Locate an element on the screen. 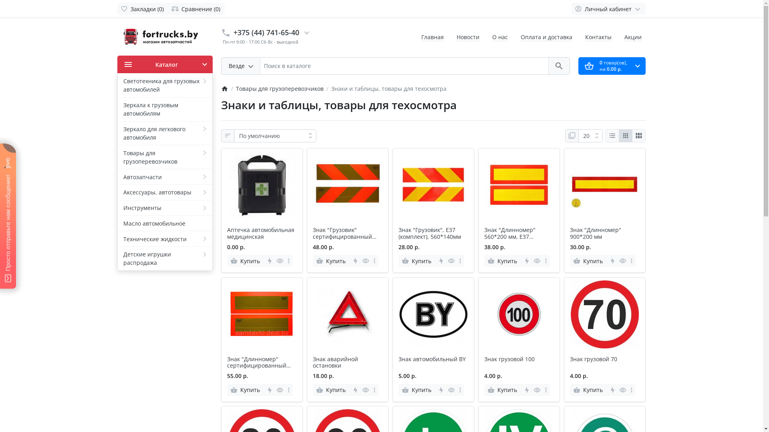  '+375 (44) 741-65-40' is located at coordinates (266, 32).